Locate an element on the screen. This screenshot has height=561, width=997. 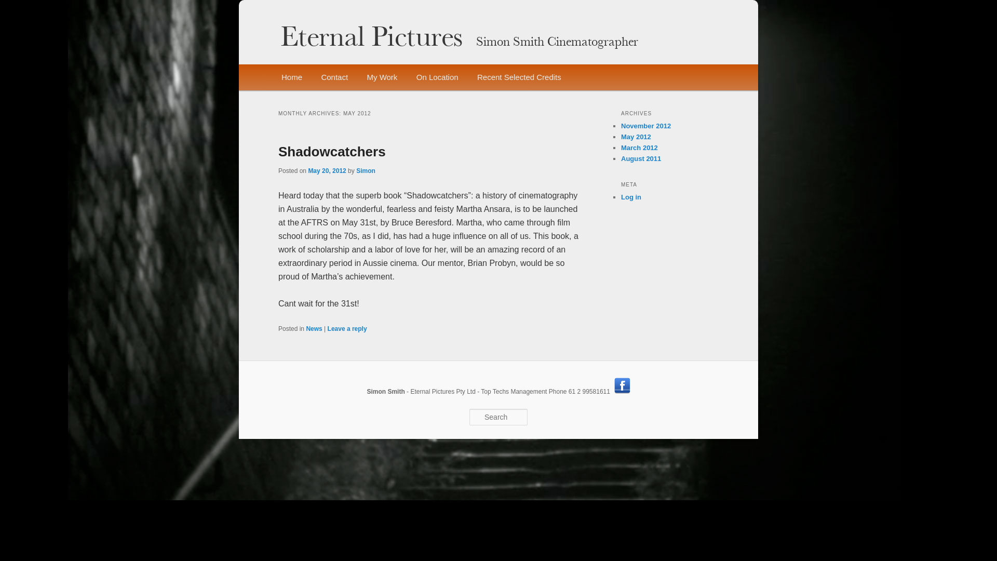
'News' is located at coordinates (313, 328).